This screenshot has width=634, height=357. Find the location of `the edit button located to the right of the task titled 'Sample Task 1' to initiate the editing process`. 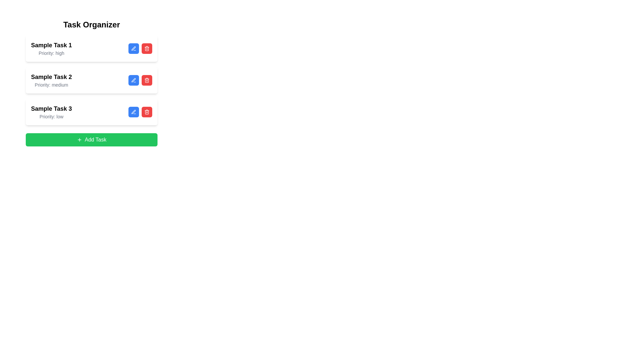

the edit button located to the right of the task titled 'Sample Task 1' to initiate the editing process is located at coordinates (133, 48).